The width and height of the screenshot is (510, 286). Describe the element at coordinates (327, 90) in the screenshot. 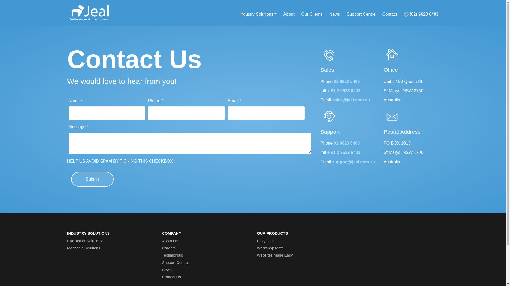

I see `'+ 61 2 9623 6403'` at that location.